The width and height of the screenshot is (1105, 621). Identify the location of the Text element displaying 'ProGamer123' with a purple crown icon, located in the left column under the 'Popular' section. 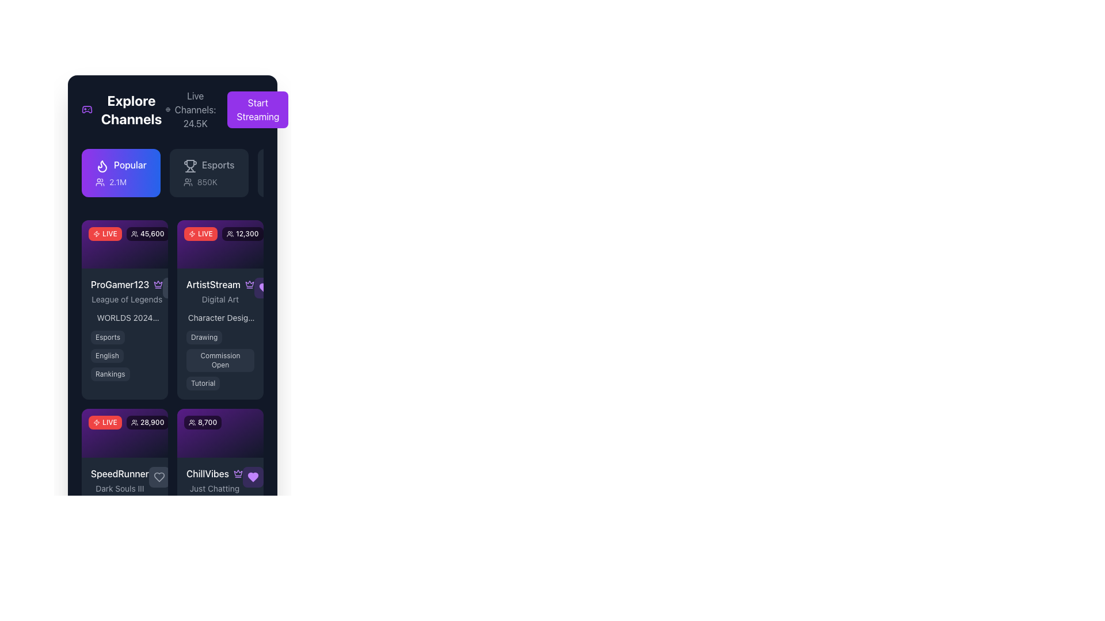
(124, 290).